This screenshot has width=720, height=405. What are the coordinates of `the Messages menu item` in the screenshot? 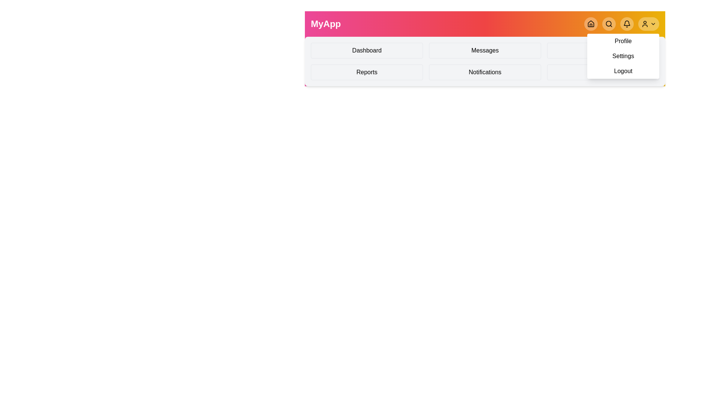 It's located at (485, 51).